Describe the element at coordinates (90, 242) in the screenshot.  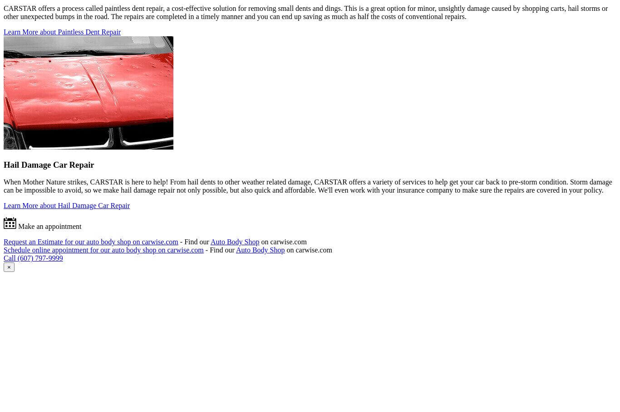
I see `'Request an Estimate for our auto body shop on carwise.com'` at that location.